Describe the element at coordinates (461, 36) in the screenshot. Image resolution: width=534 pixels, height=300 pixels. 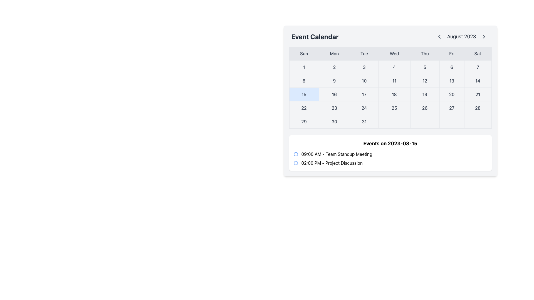
I see `the Text Label displaying 'August 2023' which is centrally aligned in the header section of the calendar interface` at that location.